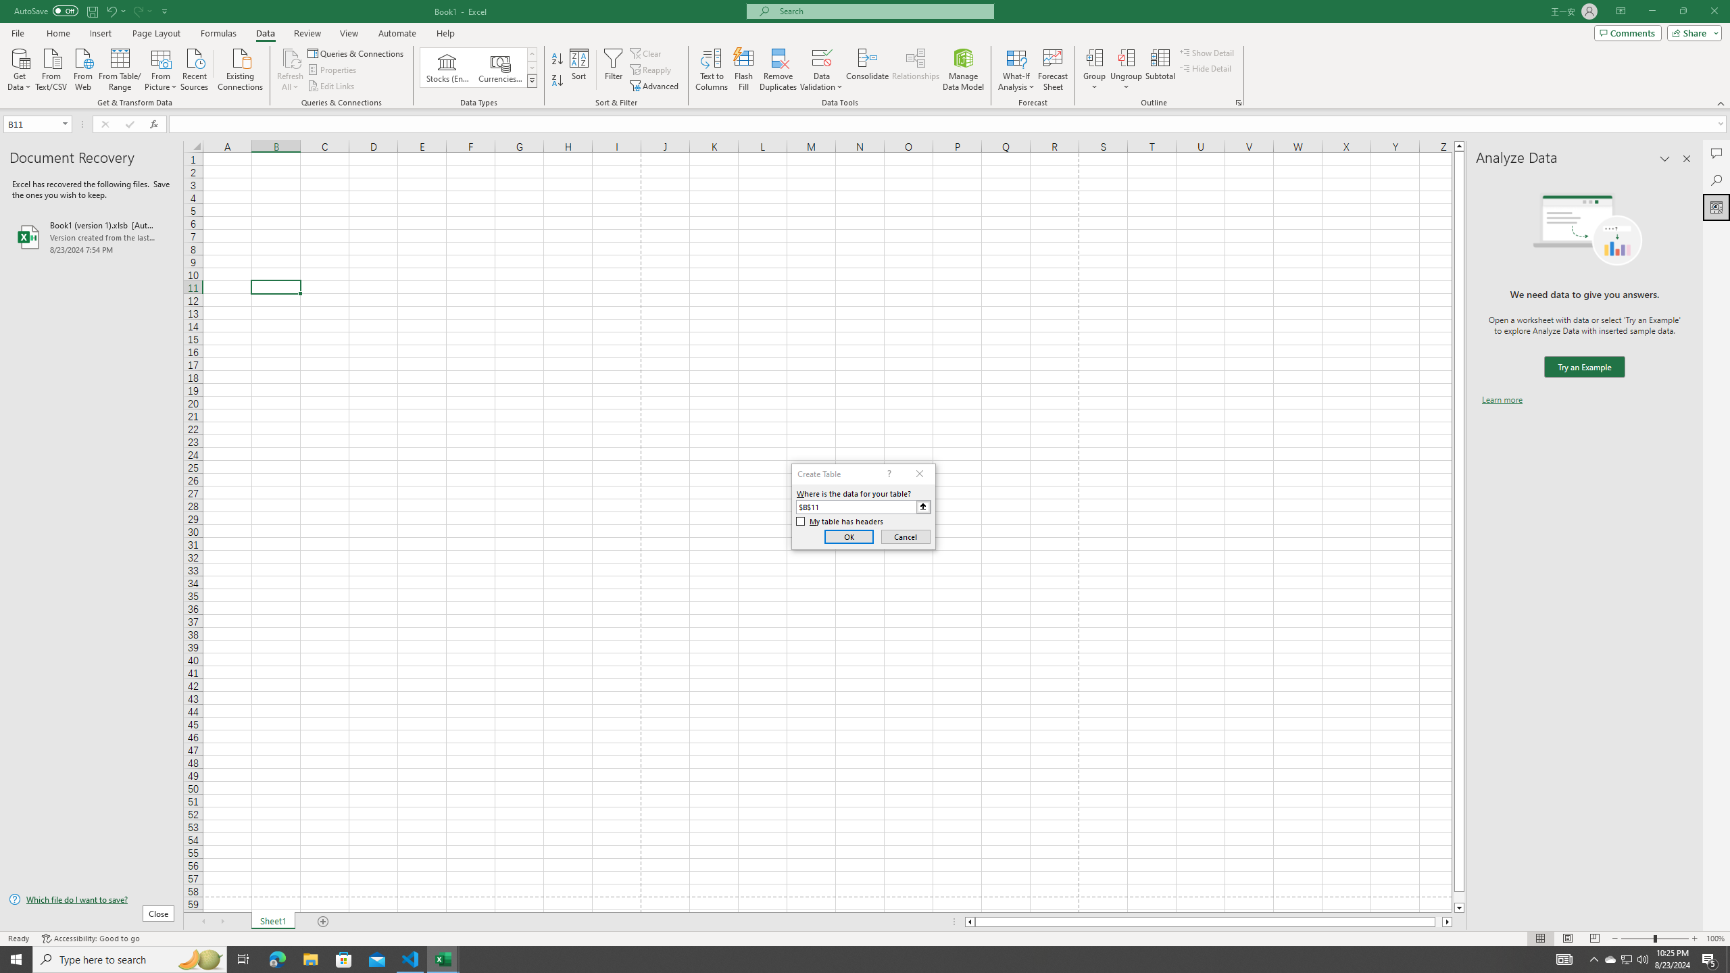 The image size is (1730, 973). I want to click on 'Sort...', so click(578, 70).